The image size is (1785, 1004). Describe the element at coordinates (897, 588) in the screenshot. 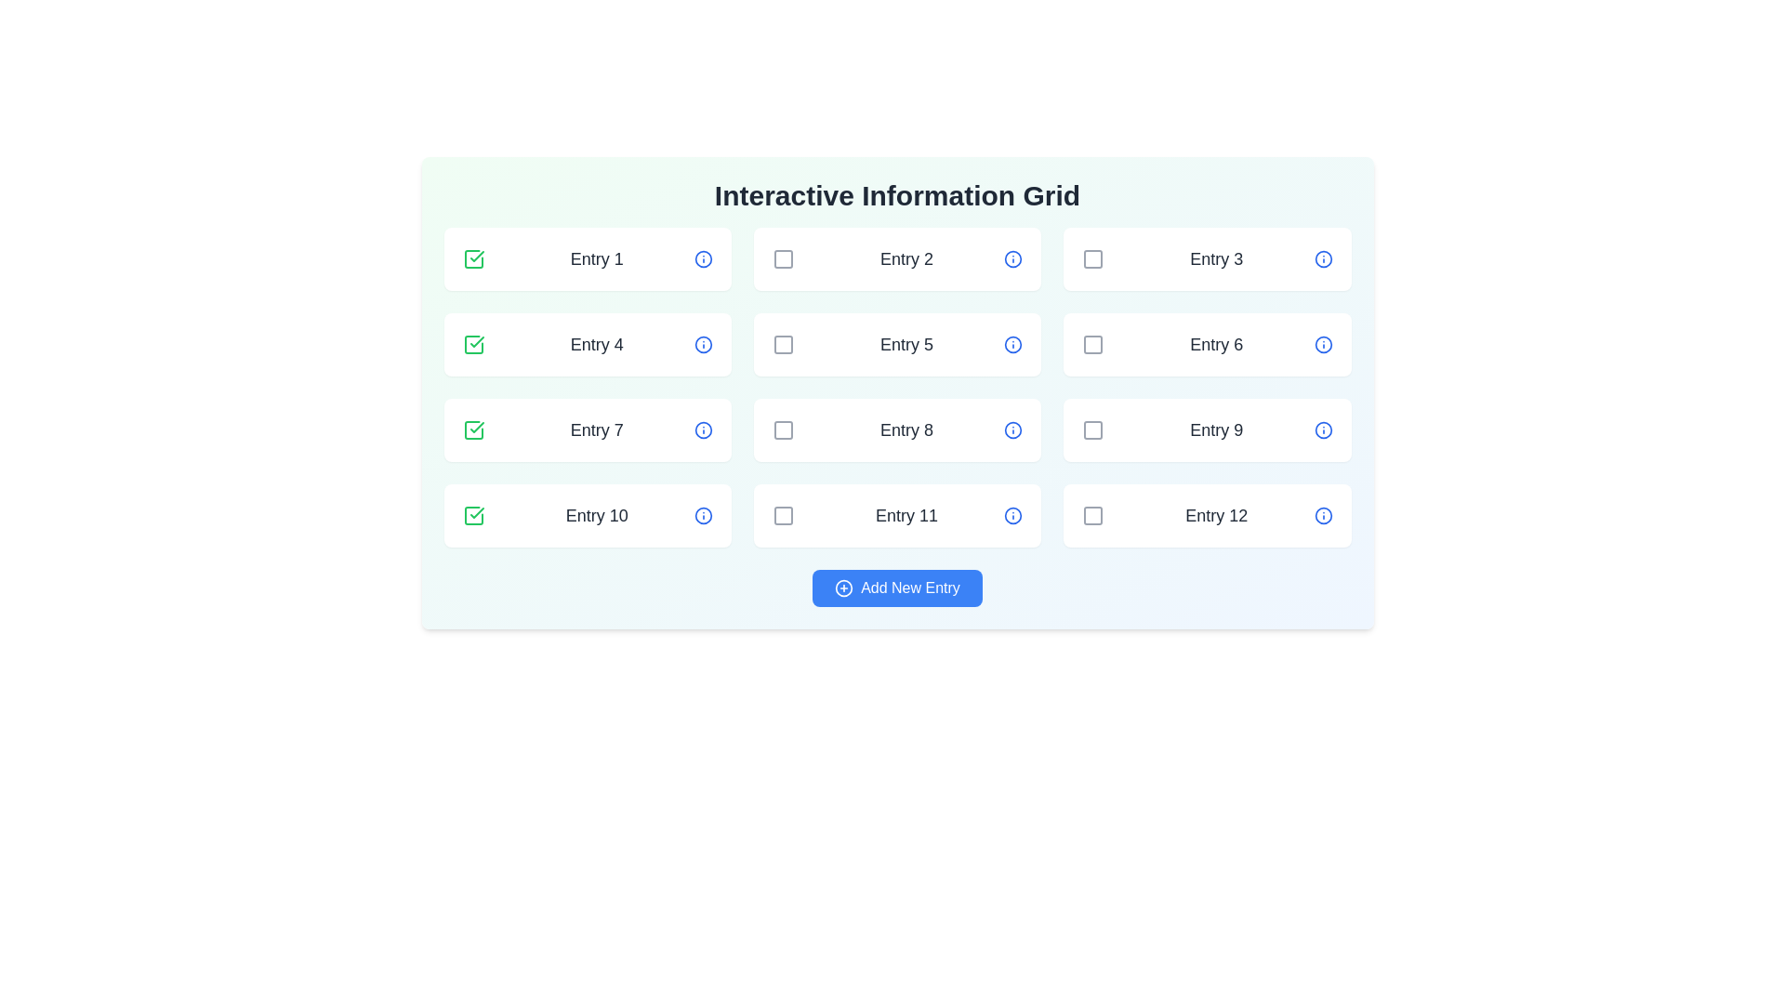

I see `'Add New Entry' button to add a new entry to the grid` at that location.